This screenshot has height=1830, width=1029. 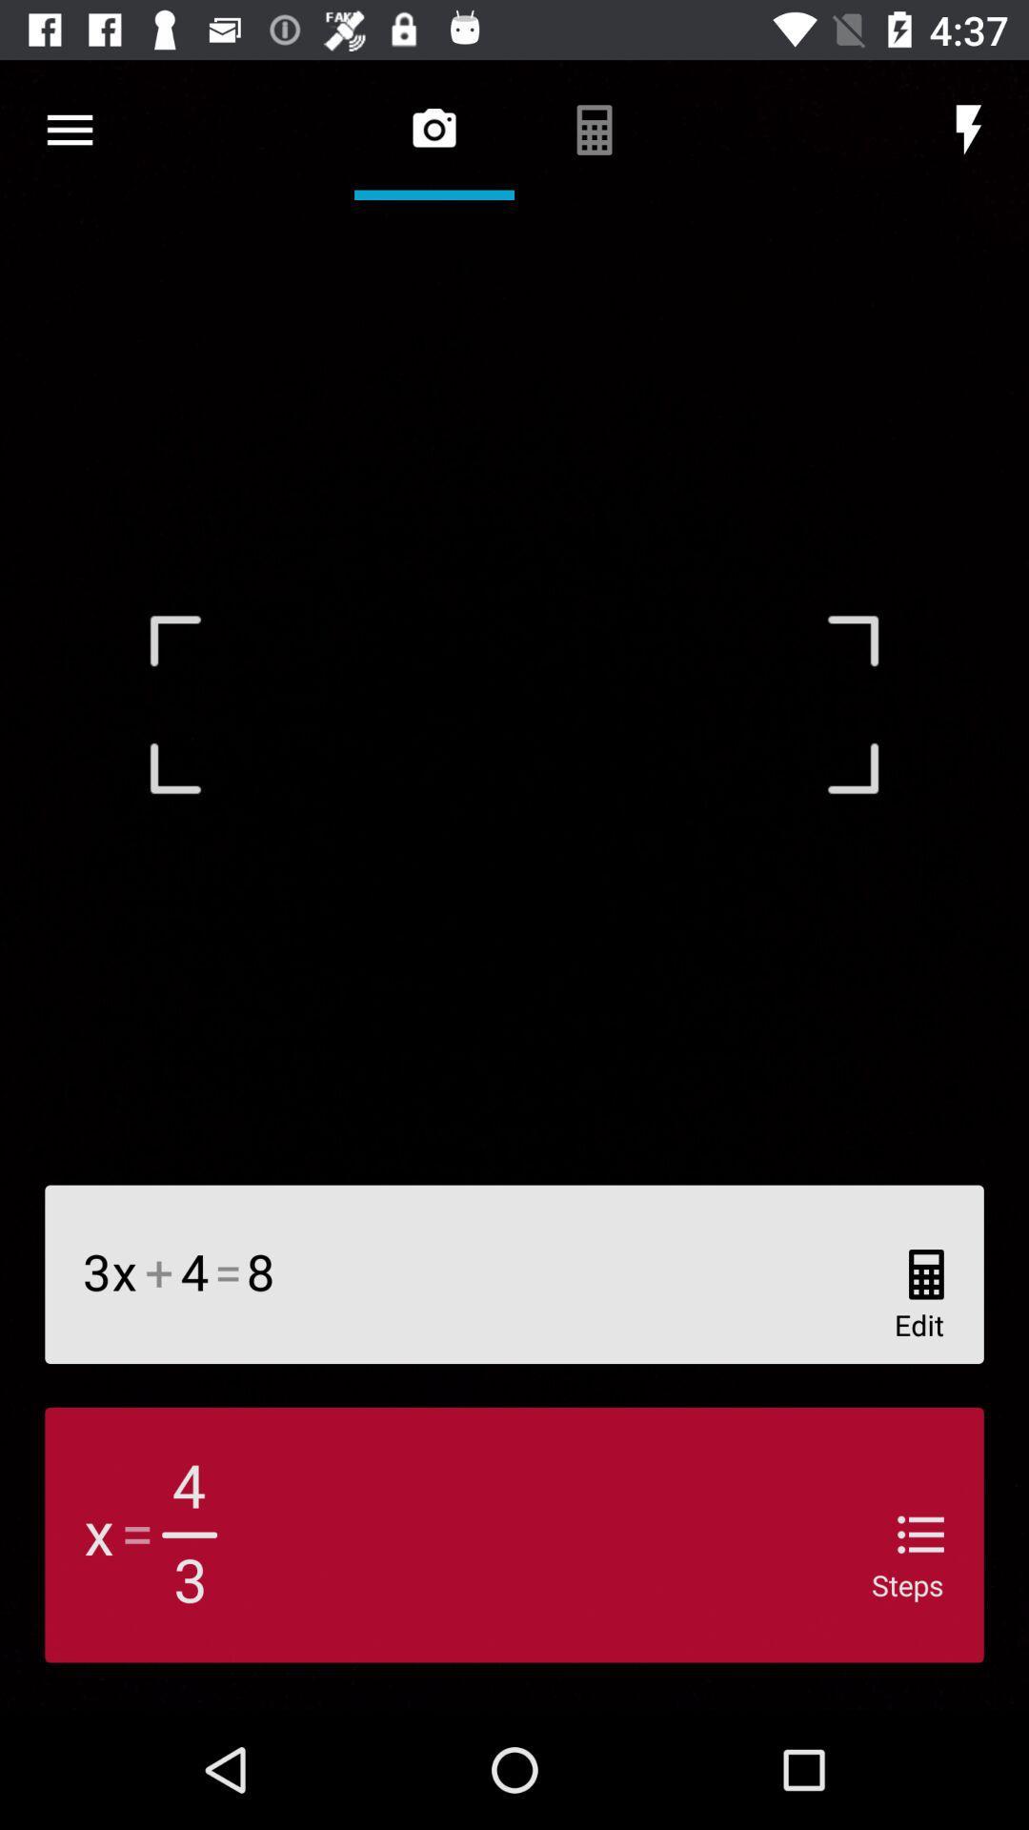 I want to click on item at the top left corner, so click(x=69, y=129).